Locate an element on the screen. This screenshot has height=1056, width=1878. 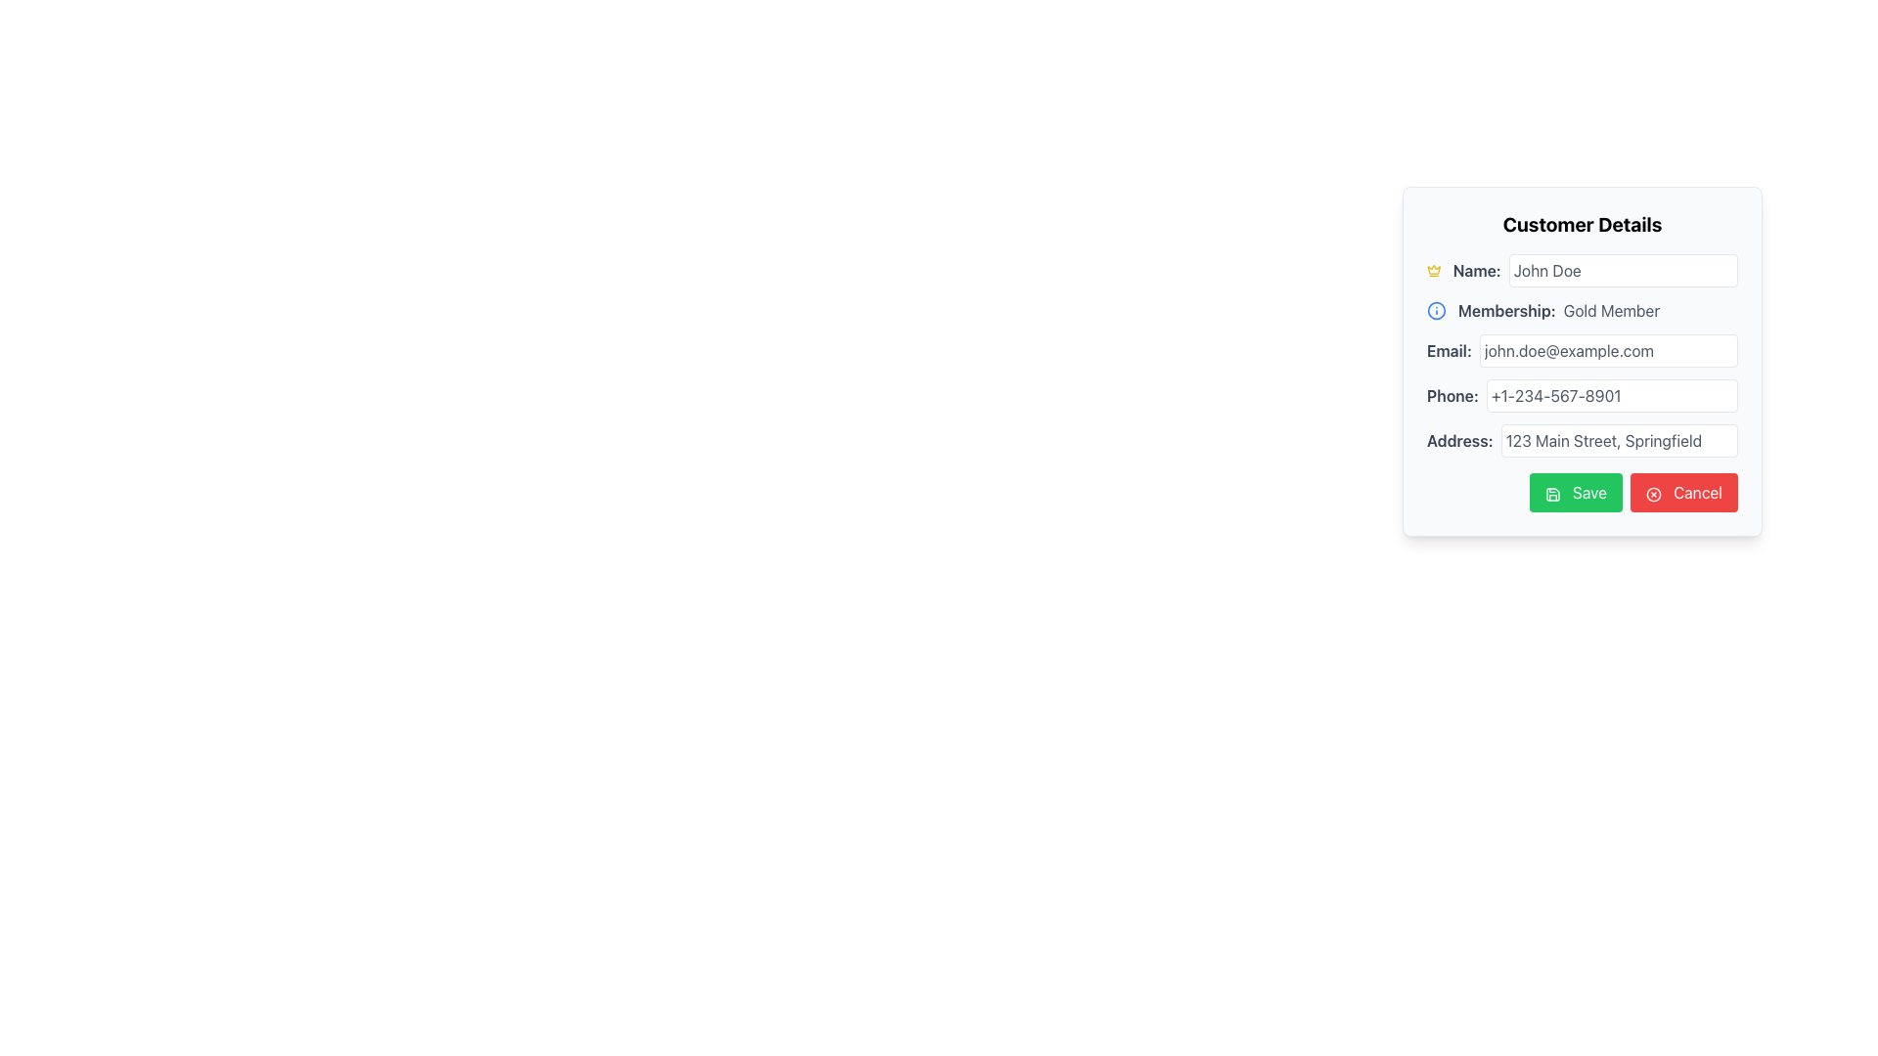
the label indicating the address input field, located in the middle right region of the interface is located at coordinates (1459, 441).